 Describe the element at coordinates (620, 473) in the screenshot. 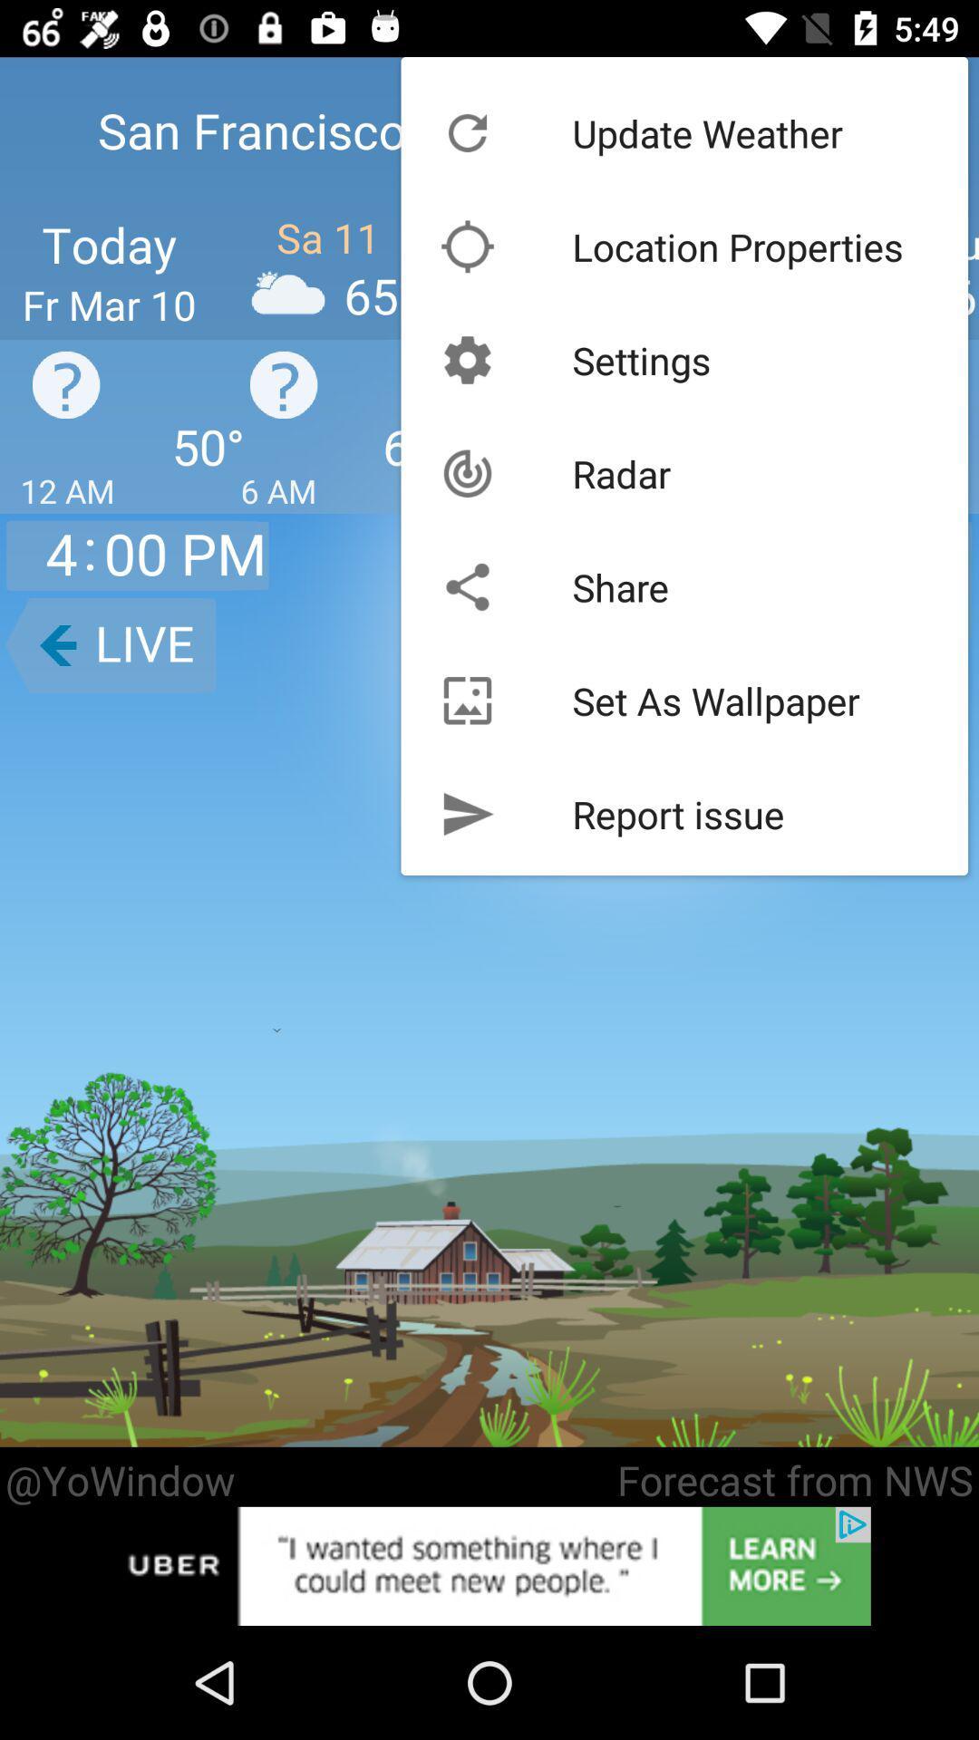

I see `radar` at that location.